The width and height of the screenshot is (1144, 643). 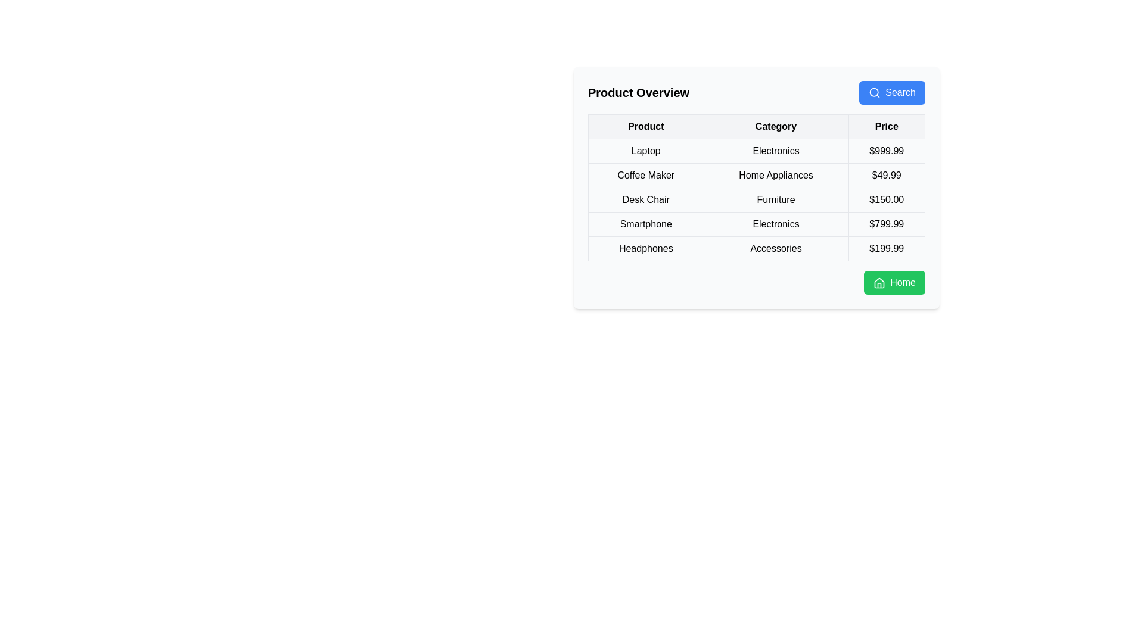 What do you see at coordinates (776, 151) in the screenshot?
I see `the Text label that serves as a category label for the product 'Laptop', located in the second column of the table under the 'Category' header` at bounding box center [776, 151].